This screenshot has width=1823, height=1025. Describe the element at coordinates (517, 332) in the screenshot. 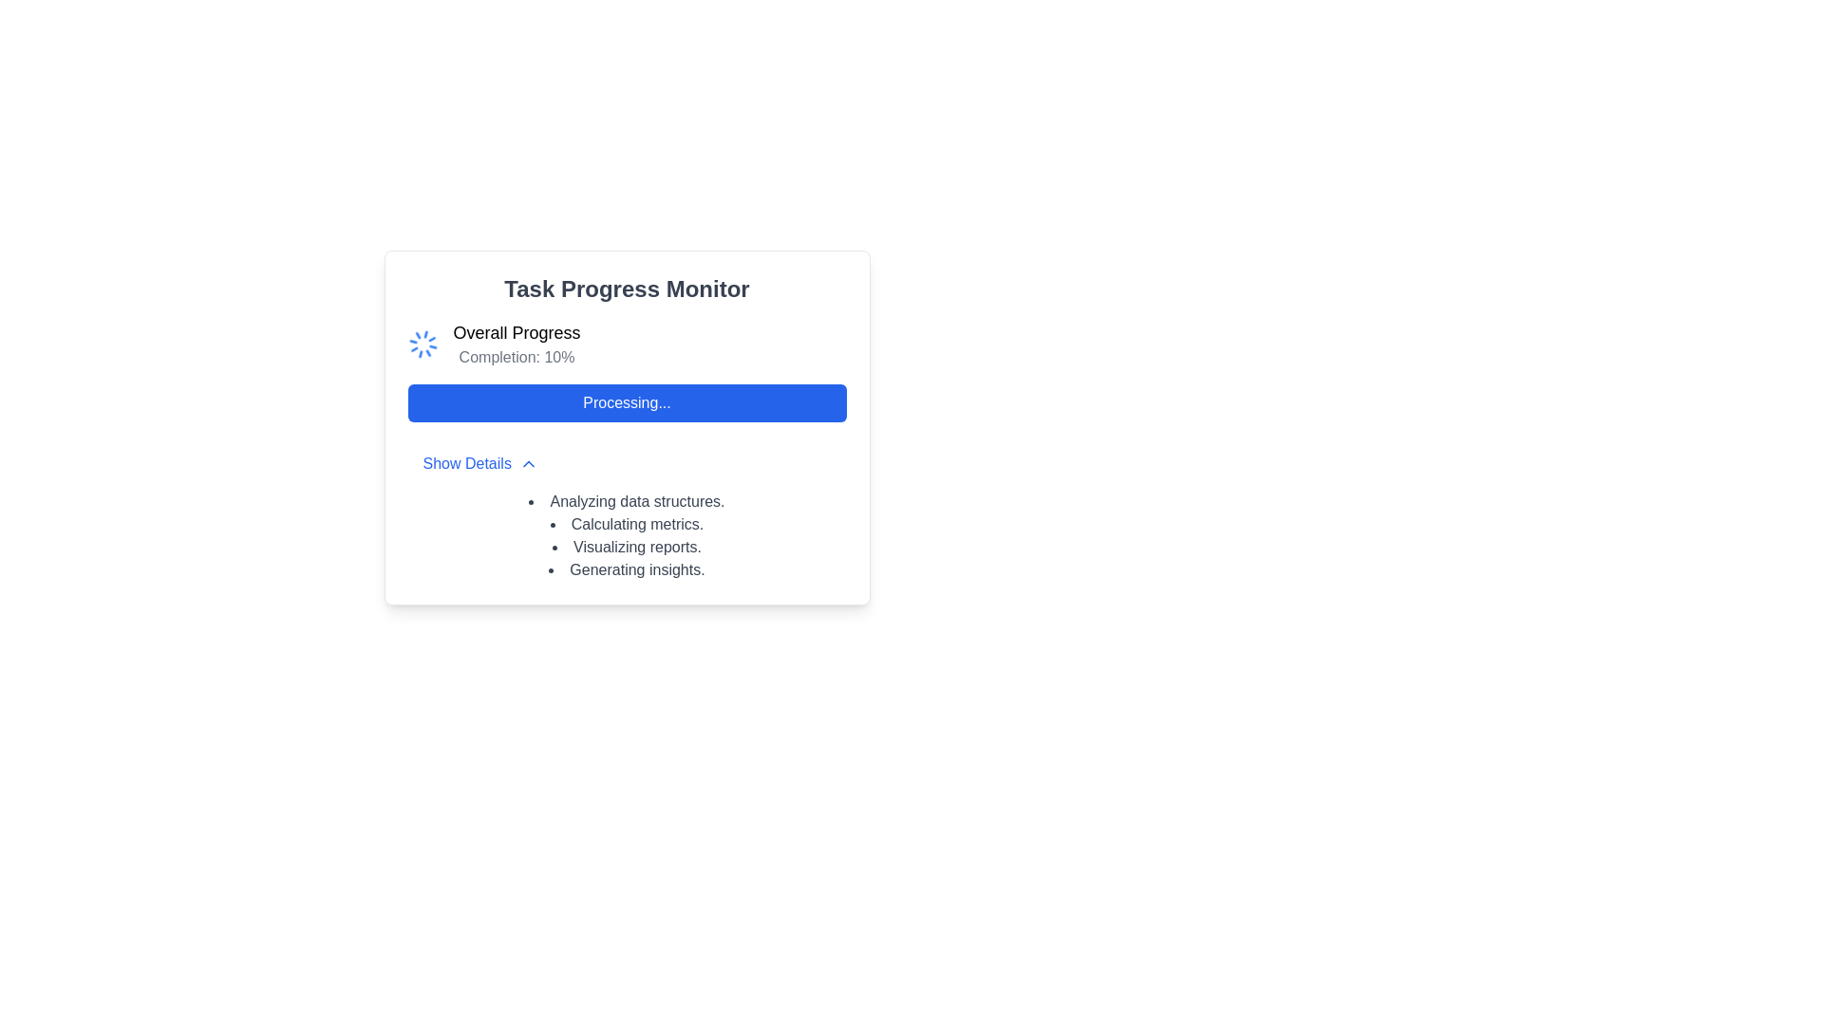

I see `text content of the header label located at the top-left section of the card, which summarizes the progress information and is positioned above the secondary text 'Completion: 0%` at that location.